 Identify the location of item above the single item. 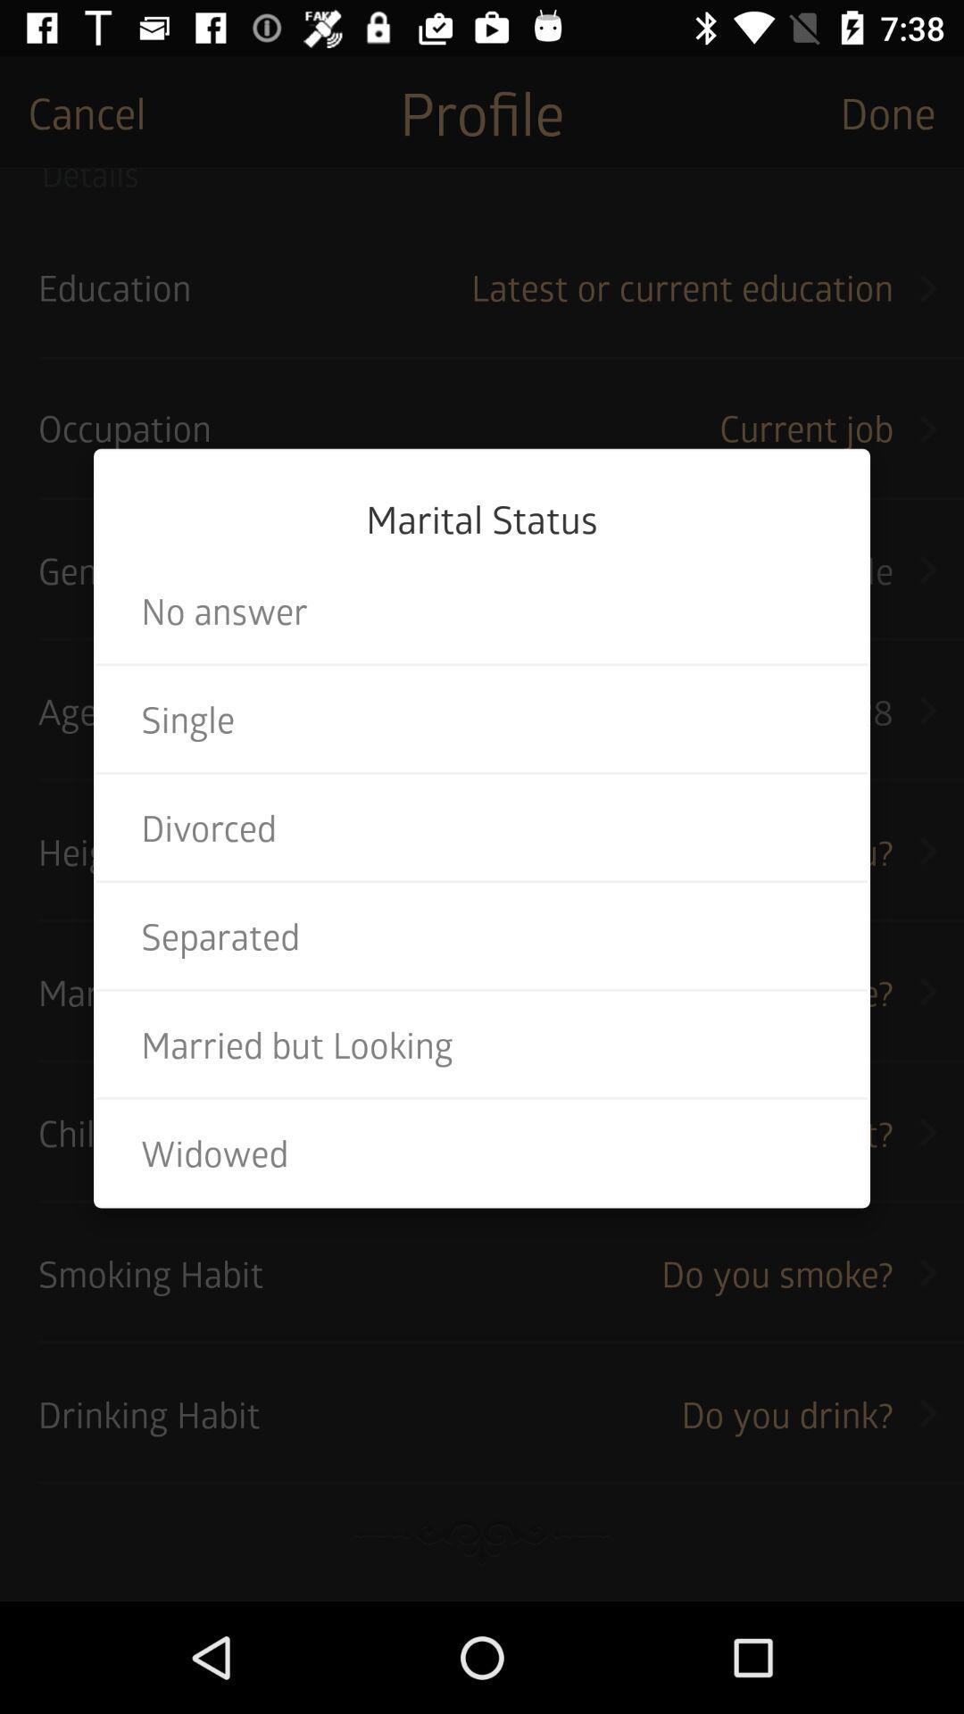
(482, 611).